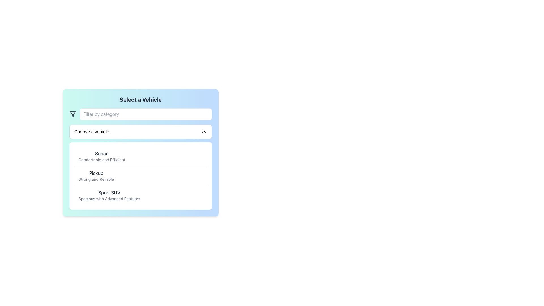 The height and width of the screenshot is (306, 544). What do you see at coordinates (109, 195) in the screenshot?
I see `to select the 'Sport SUV' option, which is the third item in the list of vehicle types, prominently styled in a medium-sized, bold sans-serif font` at bounding box center [109, 195].